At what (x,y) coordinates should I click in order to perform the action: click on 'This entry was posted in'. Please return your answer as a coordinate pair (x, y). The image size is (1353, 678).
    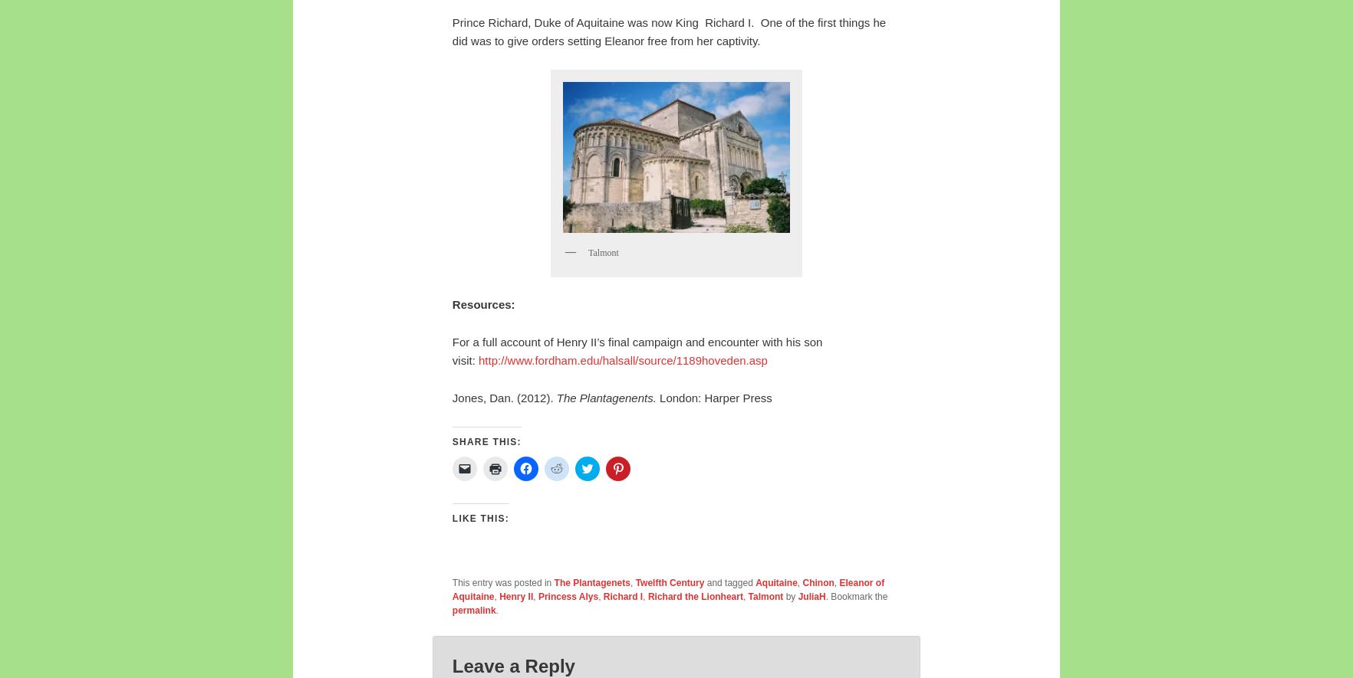
    Looking at the image, I should click on (502, 582).